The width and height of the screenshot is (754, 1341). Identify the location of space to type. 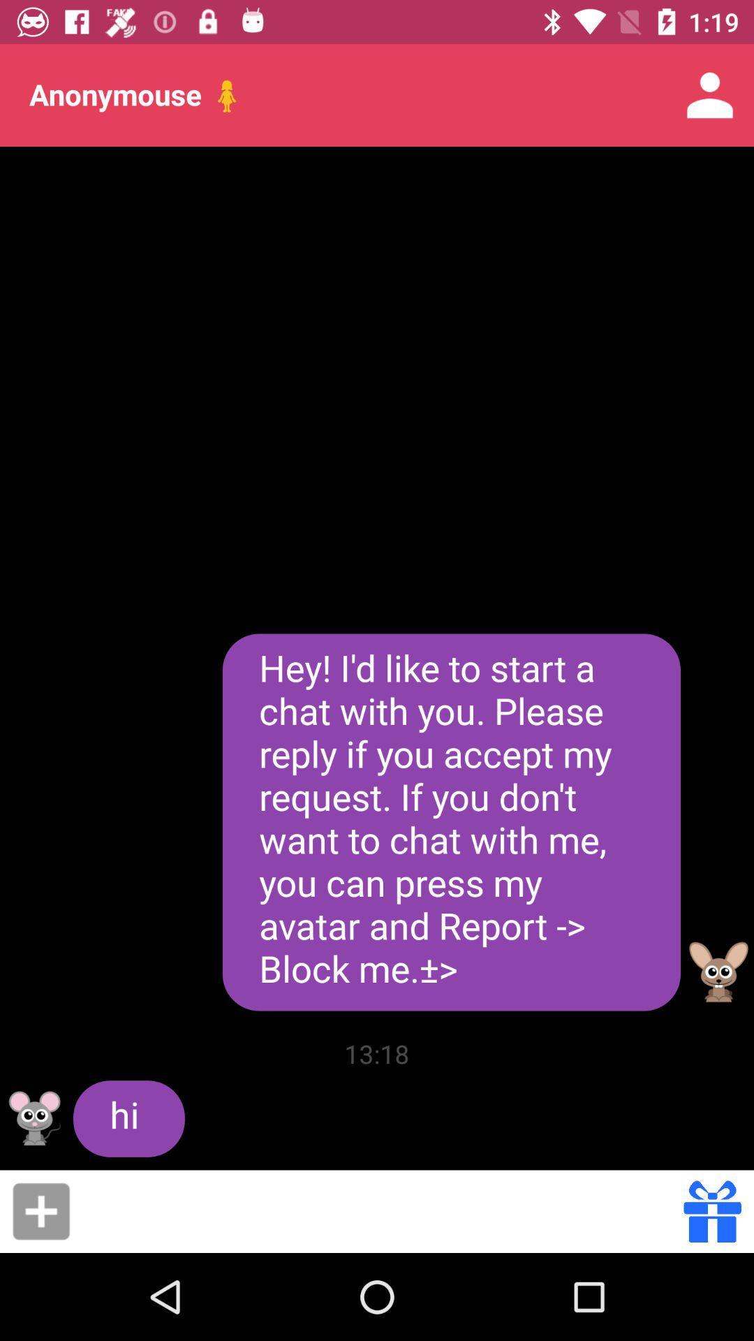
(381, 1210).